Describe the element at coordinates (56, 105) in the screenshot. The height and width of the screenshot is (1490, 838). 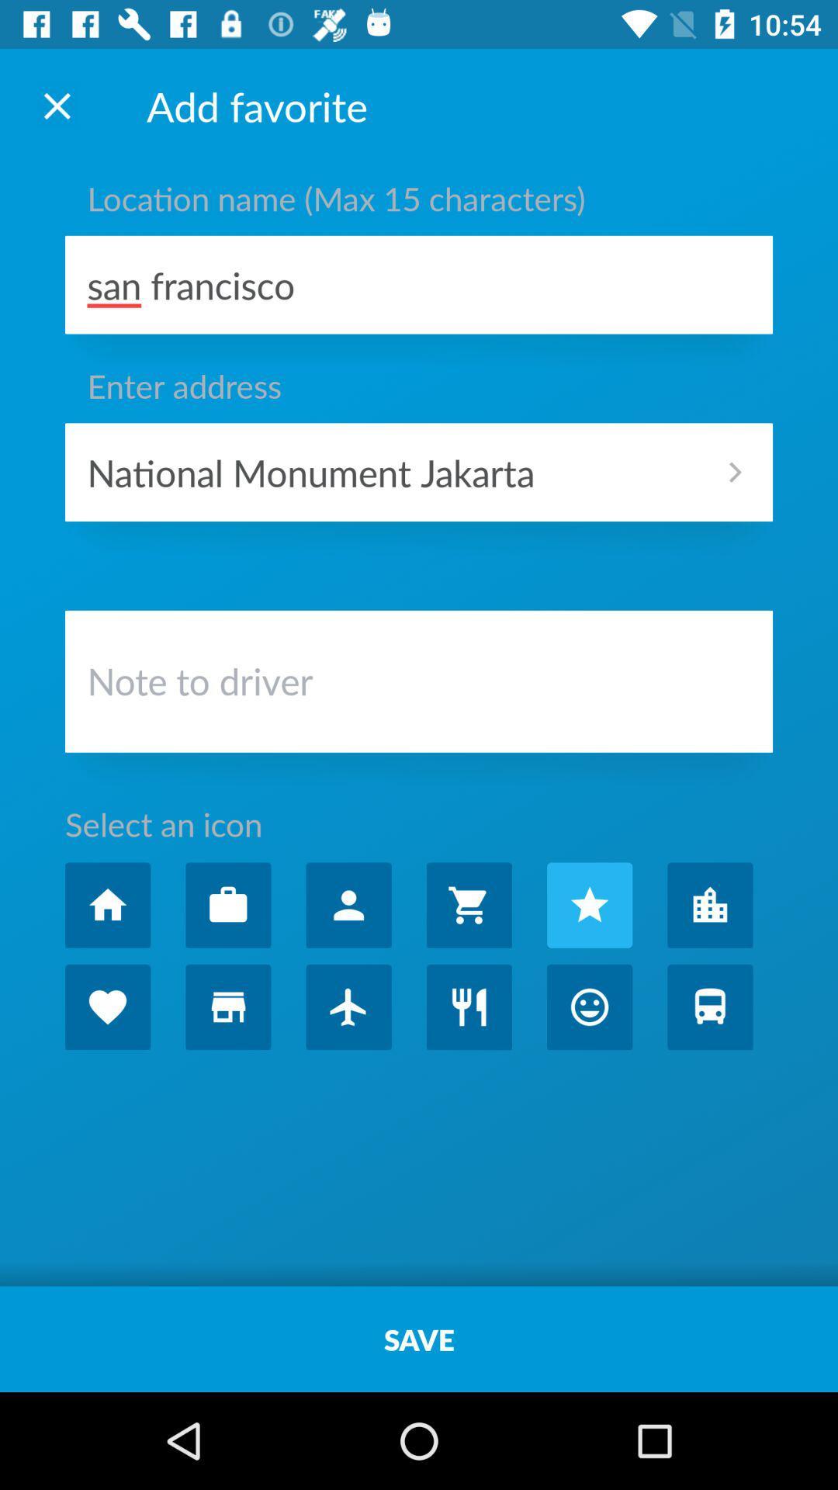
I see `current page` at that location.